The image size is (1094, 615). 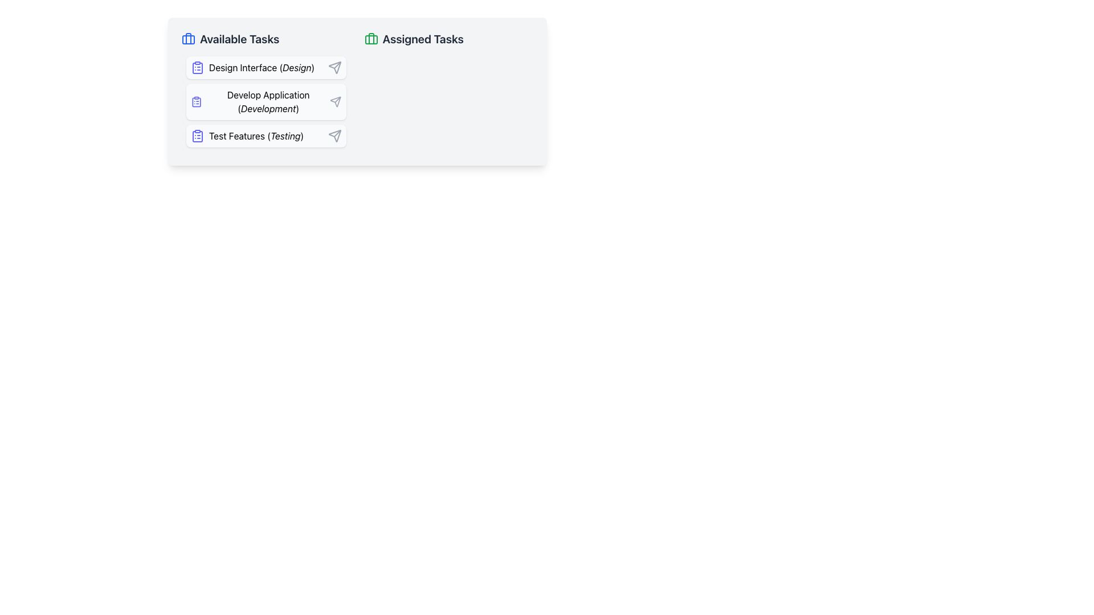 I want to click on the graphical vector line within the briefcase icon, which visually represents tasks or work management, located in the top left region of the interface next to the 'Available Tasks' title, so click(x=189, y=38).